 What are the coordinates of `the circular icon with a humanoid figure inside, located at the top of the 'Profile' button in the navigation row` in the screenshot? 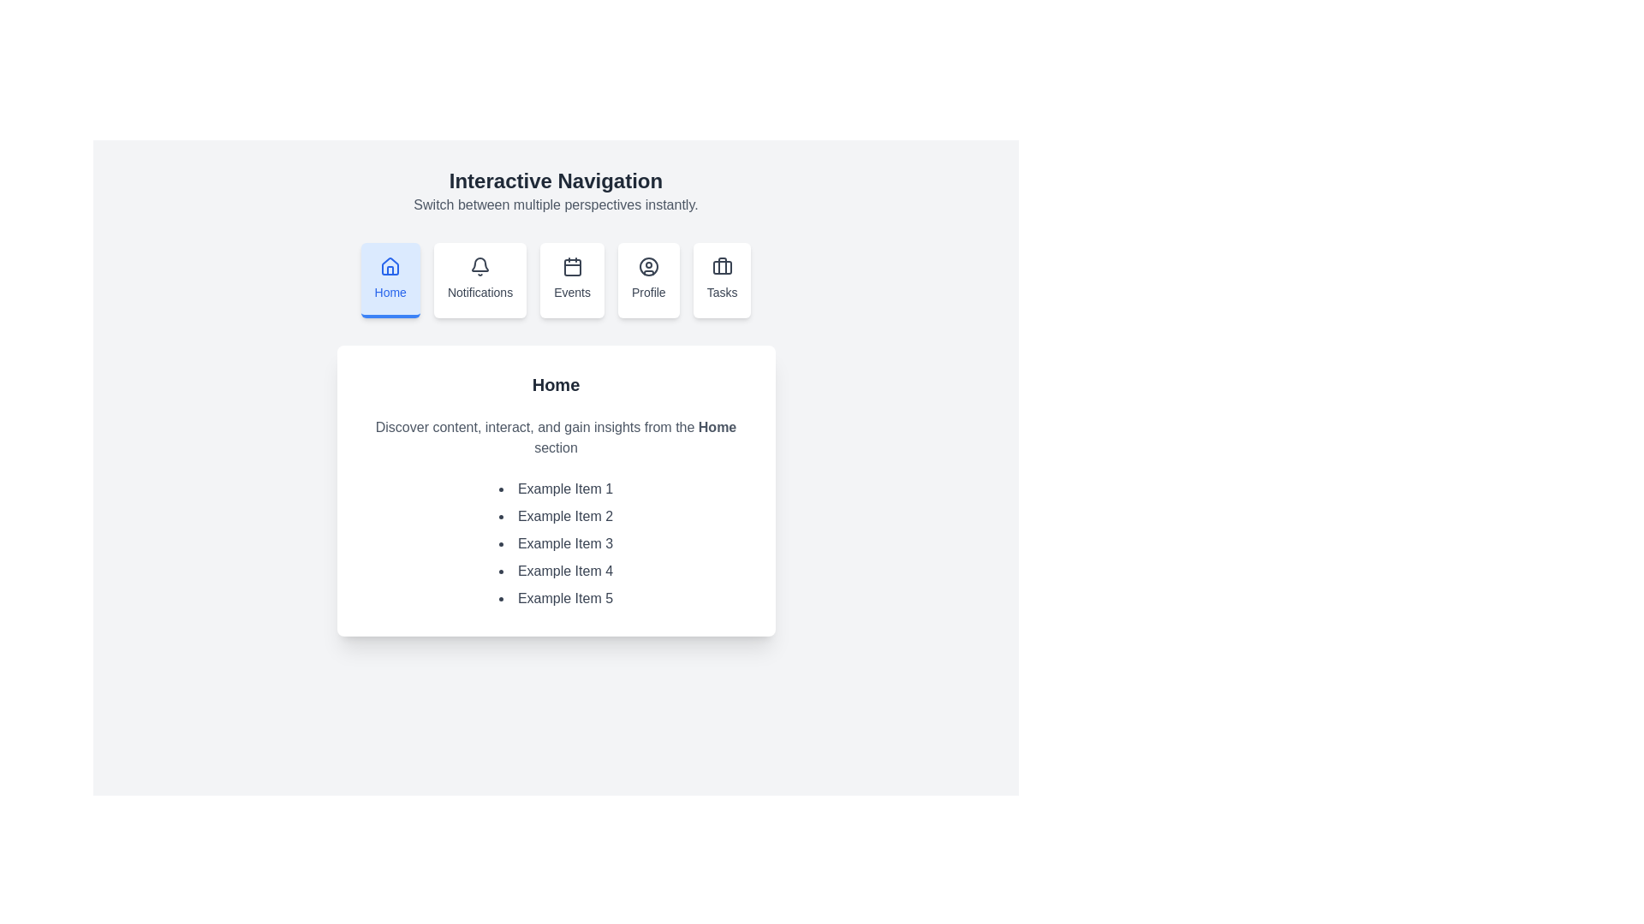 It's located at (647, 267).